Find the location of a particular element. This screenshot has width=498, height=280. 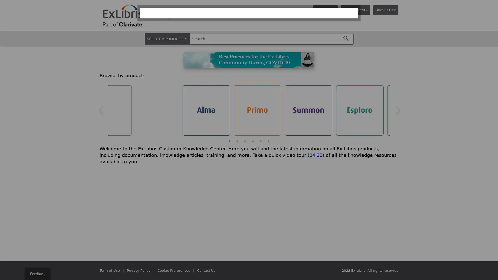

4 is located at coordinates (253, 141).